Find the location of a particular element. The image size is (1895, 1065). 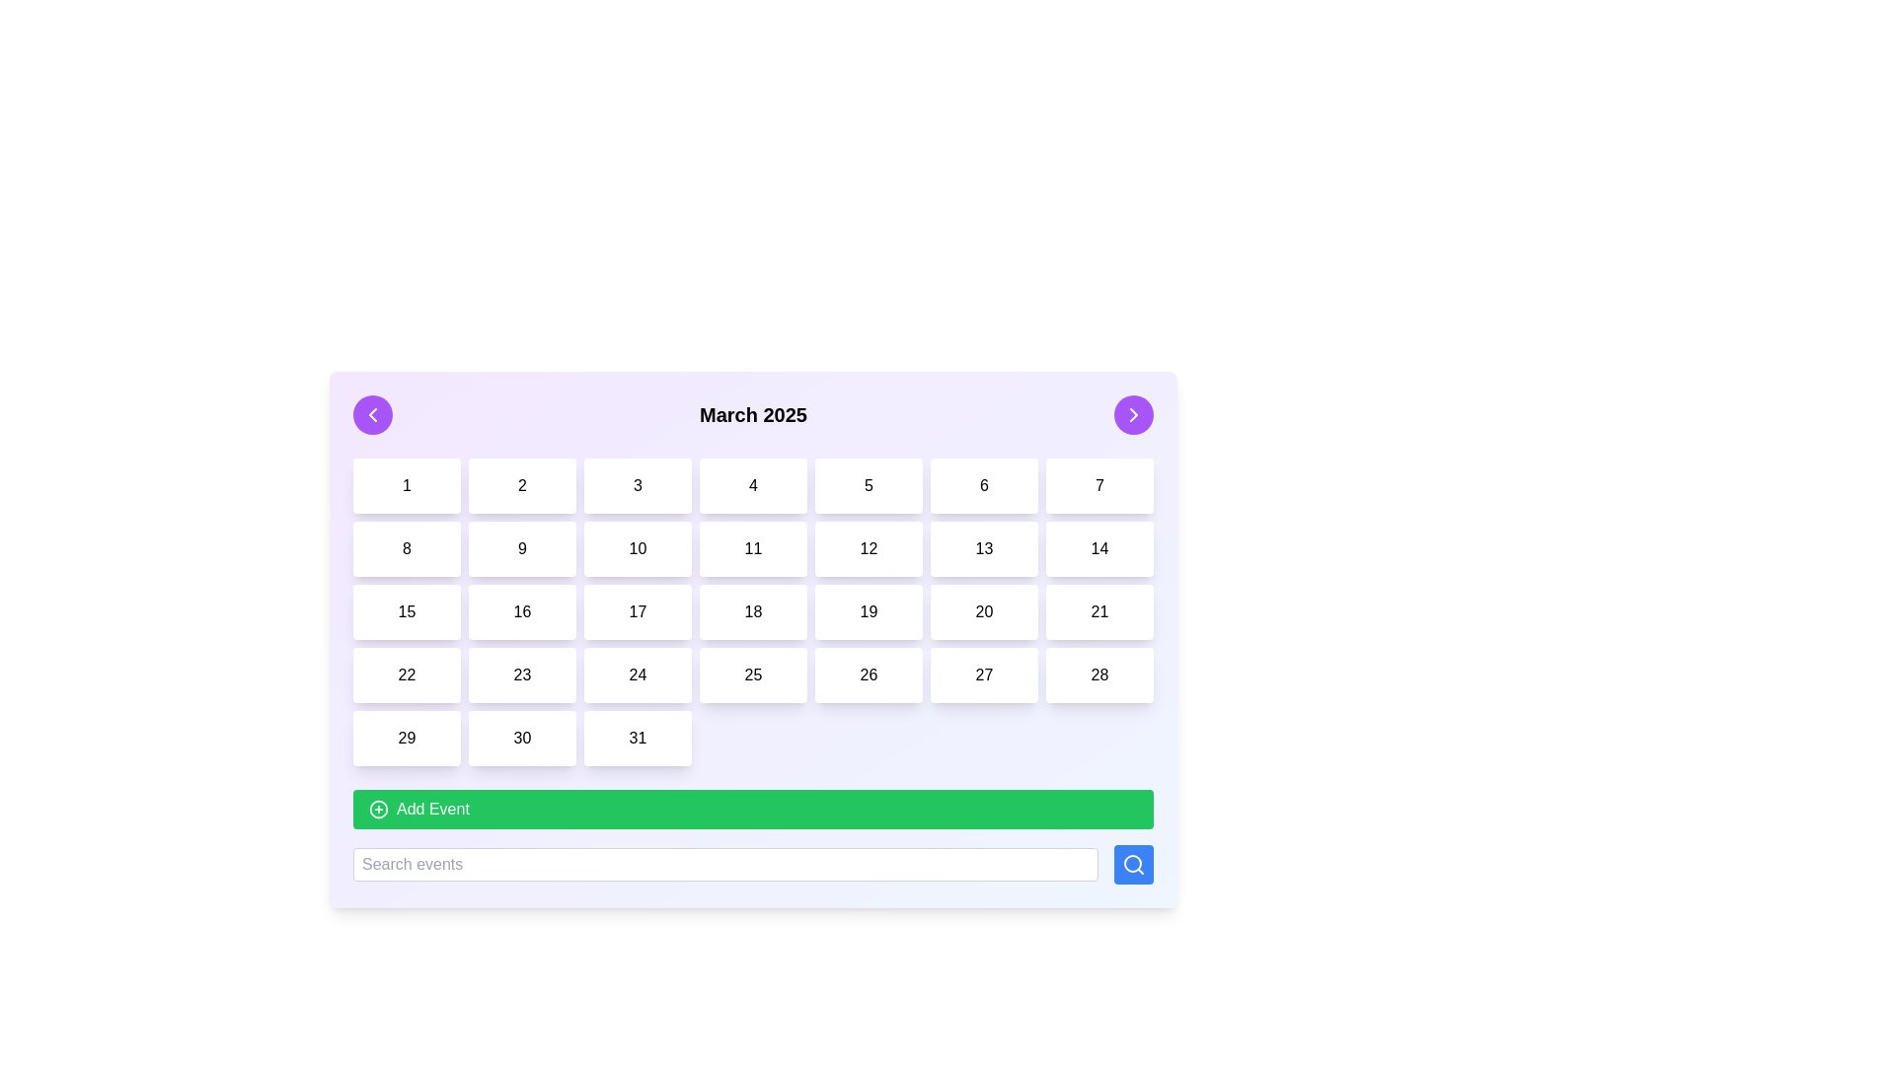

the square-shaped button displaying the number '30' in bold black text, located in the last row and second column of the calendar grid interface is located at coordinates (522, 738).